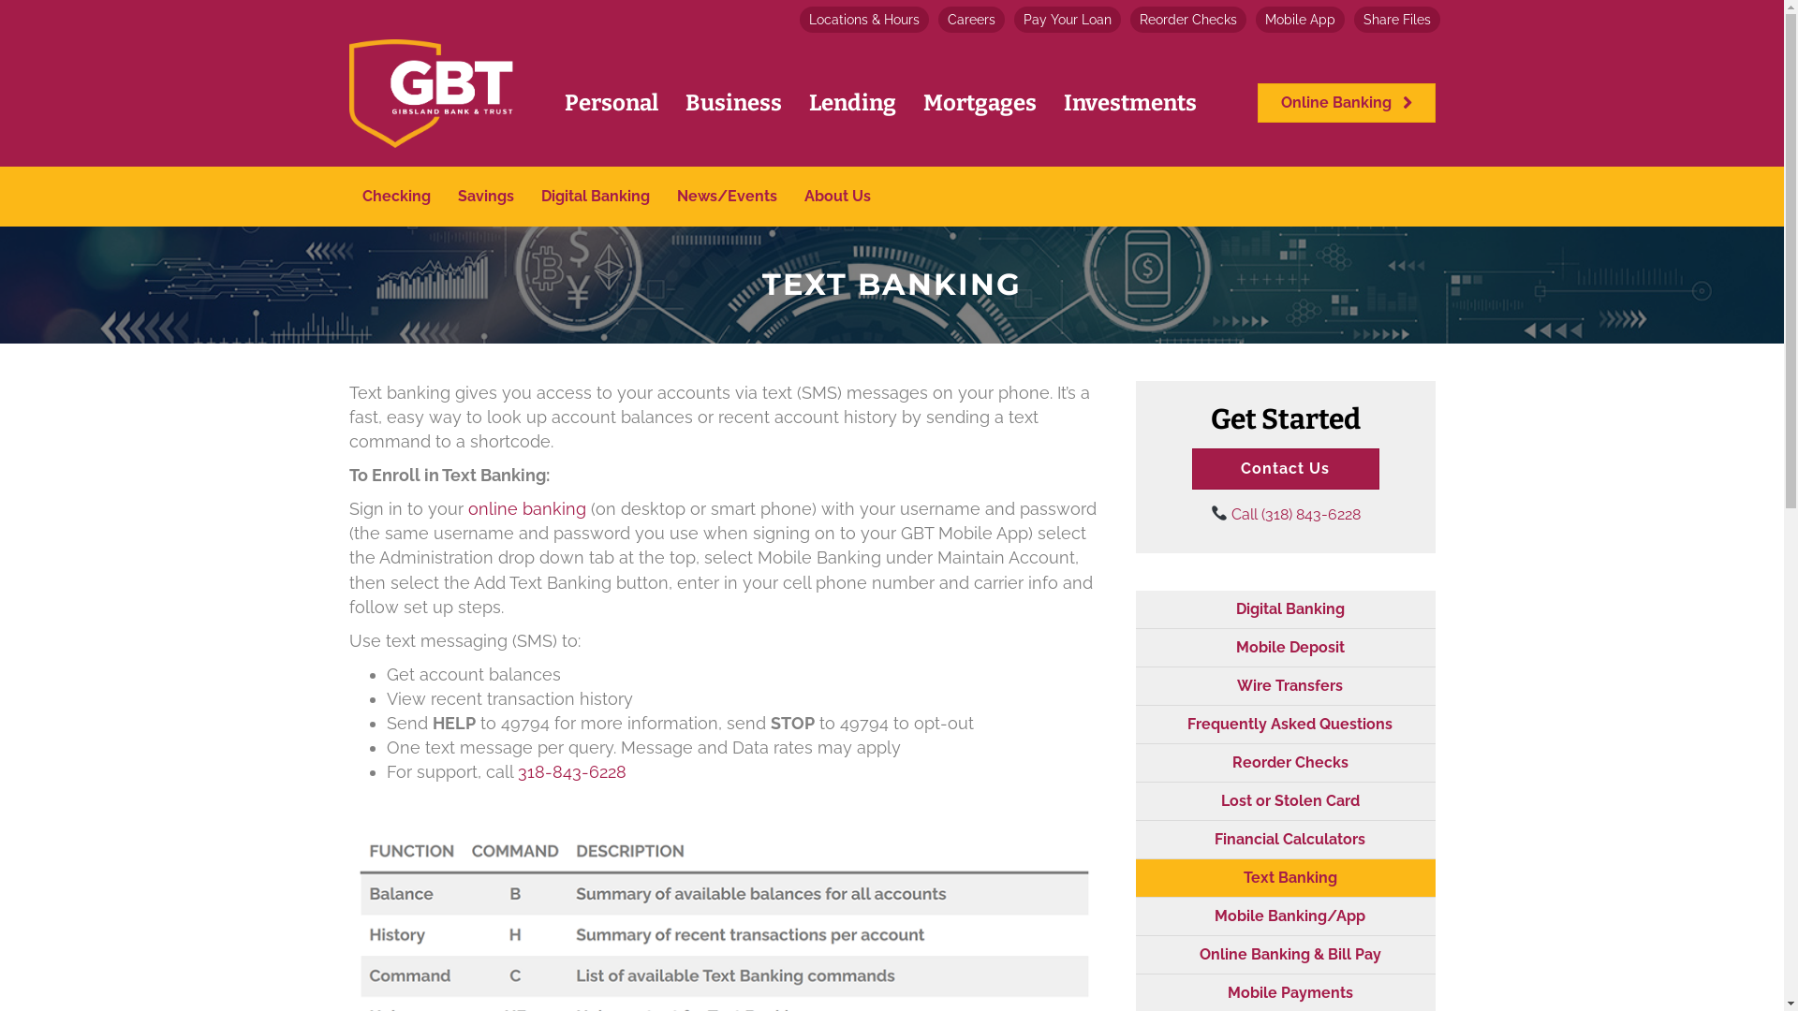 The width and height of the screenshot is (1798, 1011). Describe the element at coordinates (1284, 514) in the screenshot. I see `'Call (318) 843-6228'` at that location.